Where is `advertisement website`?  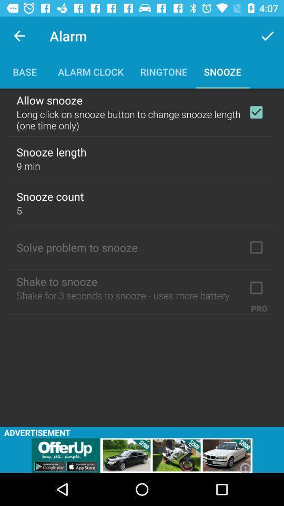 advertisement website is located at coordinates (142, 455).